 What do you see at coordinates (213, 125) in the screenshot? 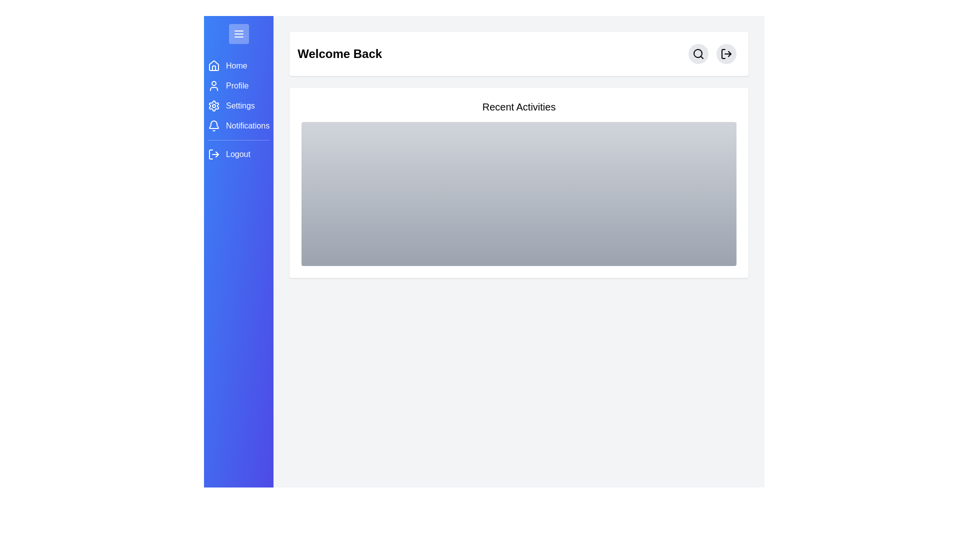
I see `the bell-shaped notification icon located in the vertical navigation menu, which is the fourth item from the top` at bounding box center [213, 125].